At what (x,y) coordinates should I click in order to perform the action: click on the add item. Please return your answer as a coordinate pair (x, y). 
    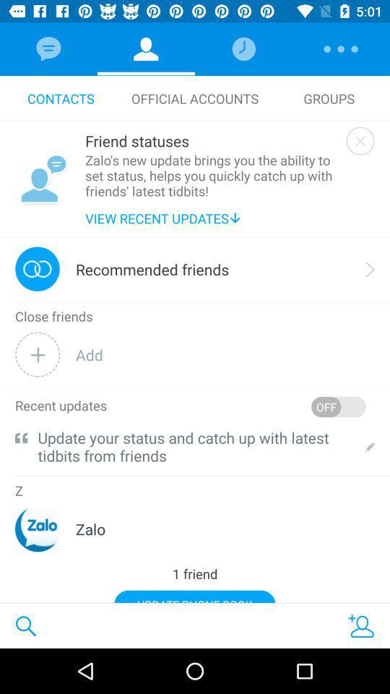
    Looking at the image, I should click on (225, 354).